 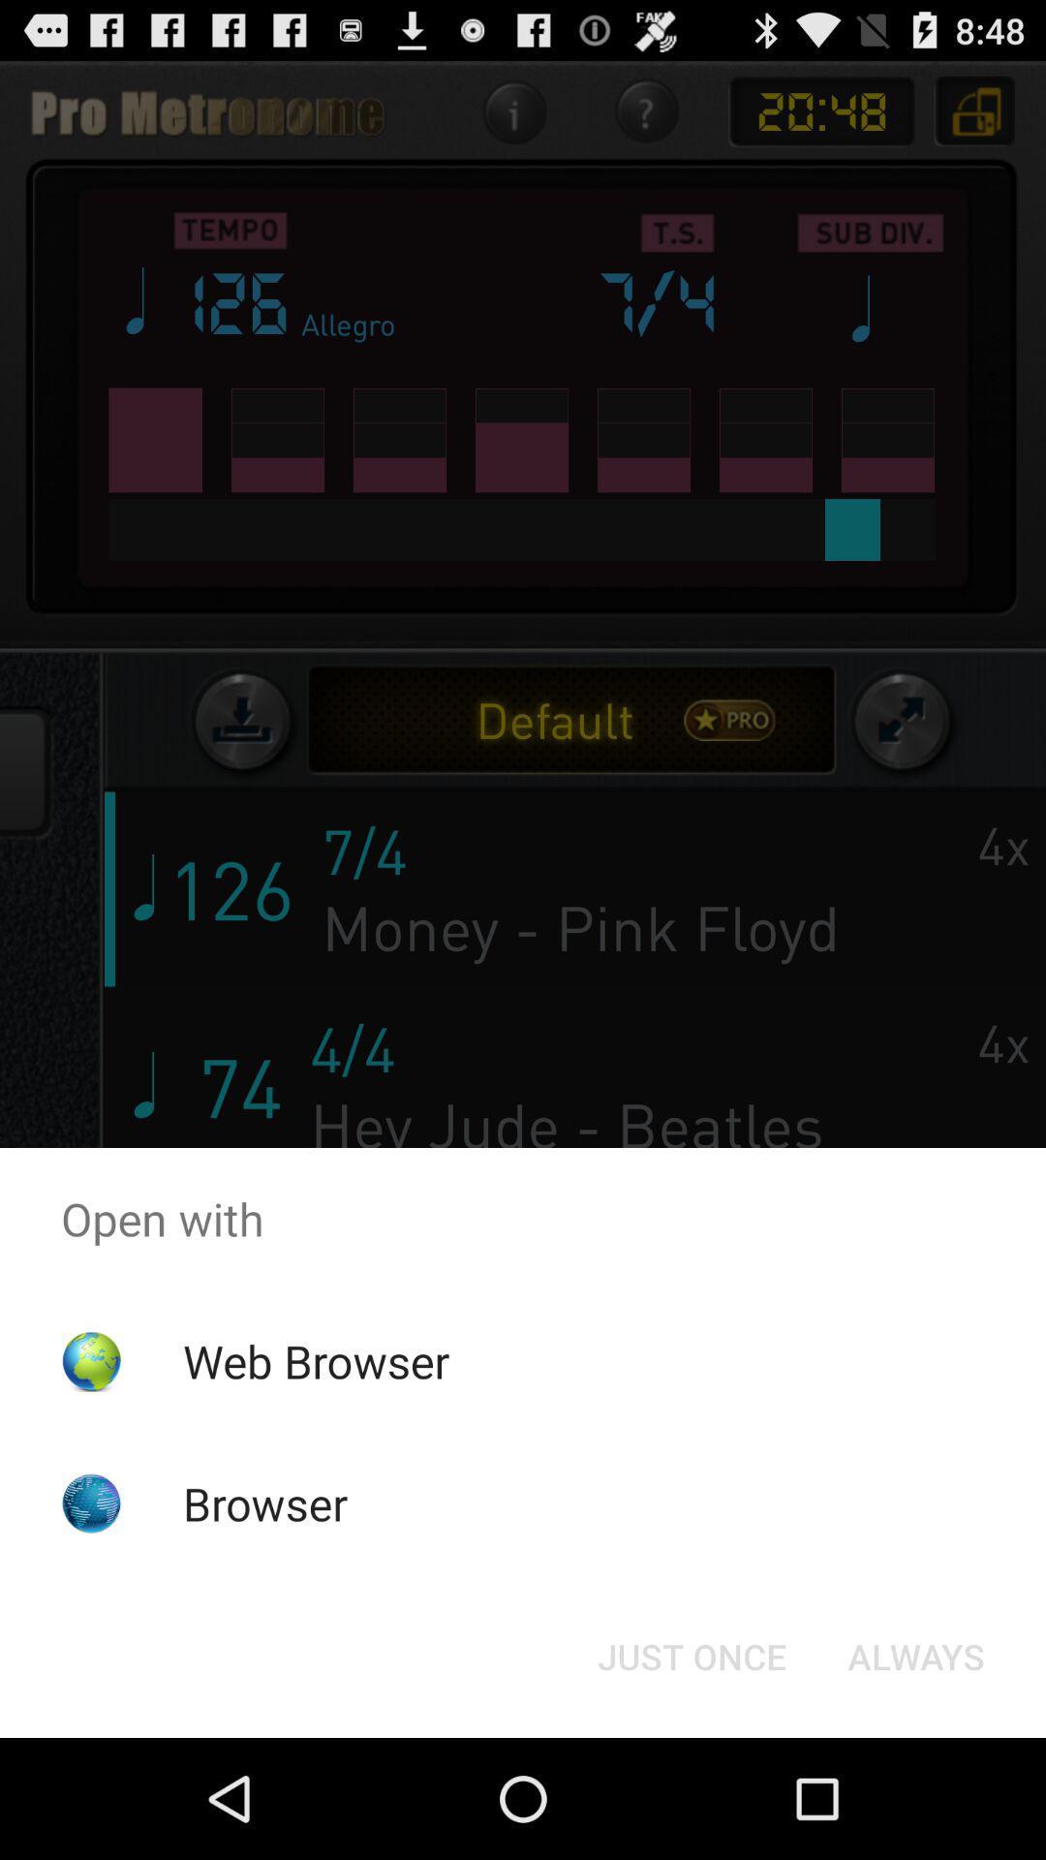 What do you see at coordinates (691, 1655) in the screenshot?
I see `the item to the left of the always icon` at bounding box center [691, 1655].